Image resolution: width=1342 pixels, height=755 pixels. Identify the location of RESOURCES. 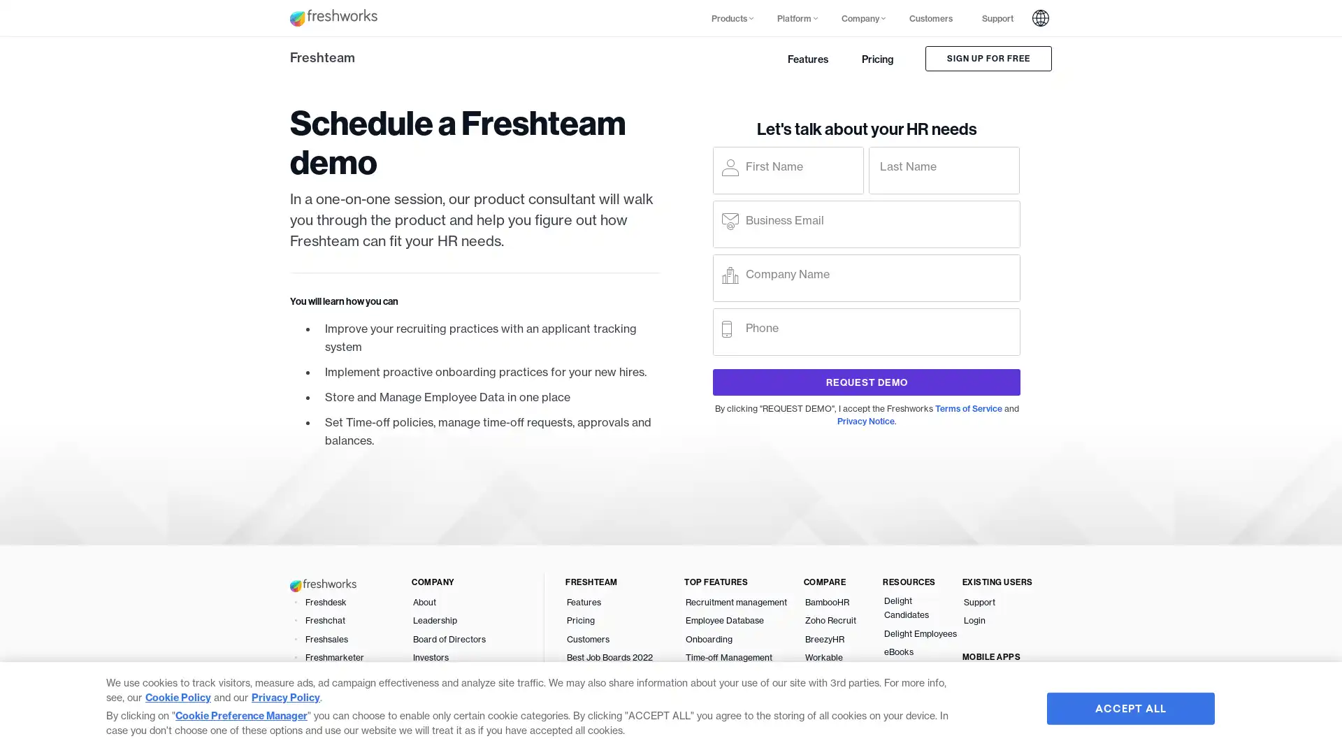
(922, 582).